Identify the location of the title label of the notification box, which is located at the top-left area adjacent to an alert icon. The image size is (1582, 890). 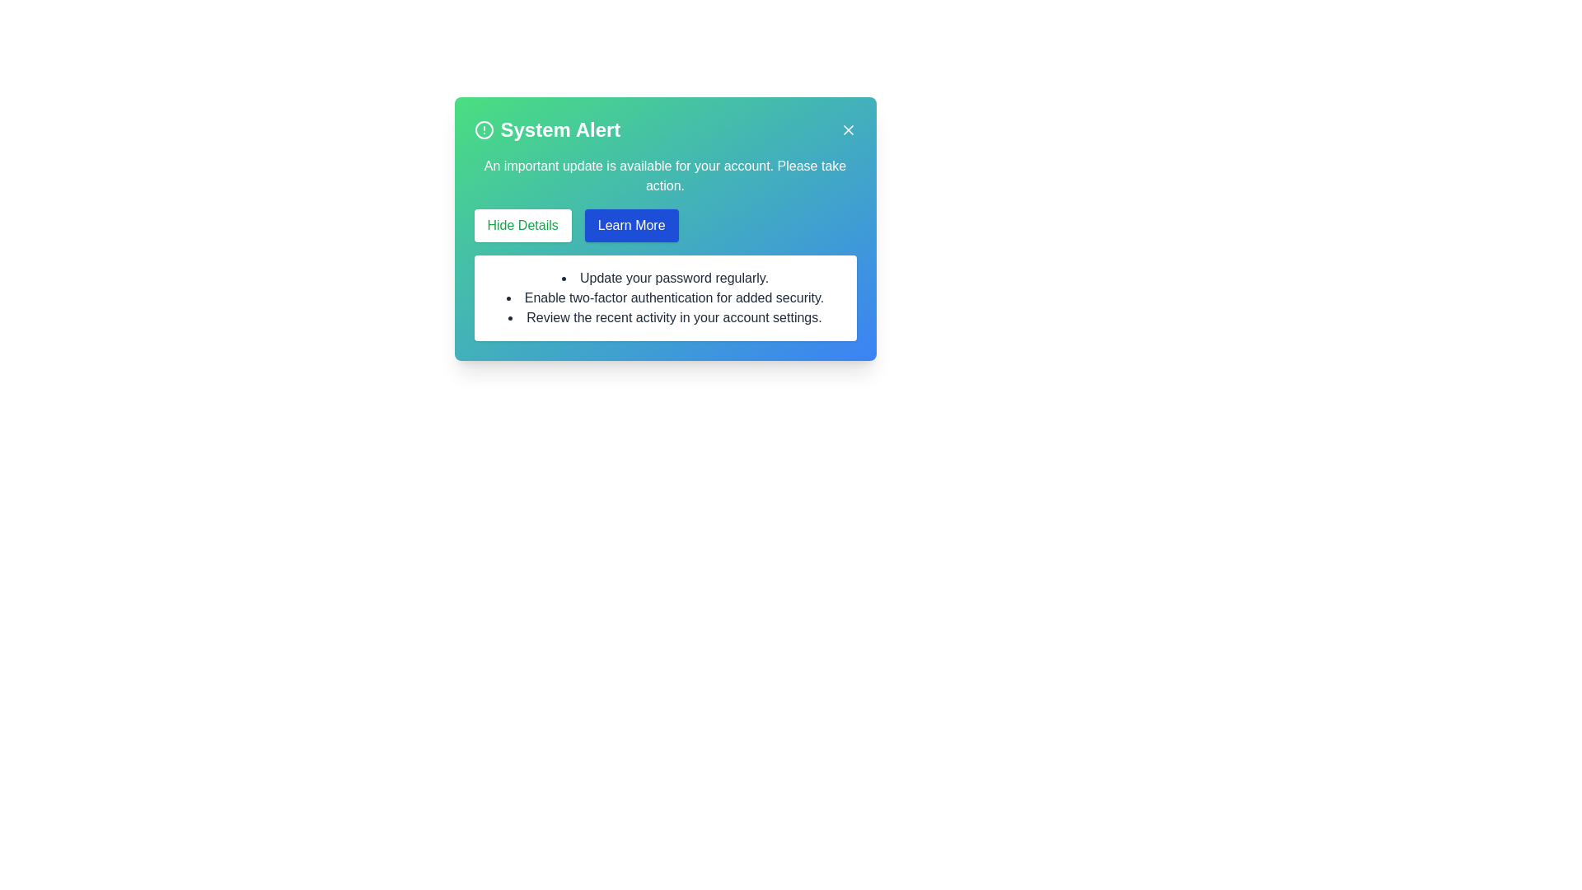
(560, 129).